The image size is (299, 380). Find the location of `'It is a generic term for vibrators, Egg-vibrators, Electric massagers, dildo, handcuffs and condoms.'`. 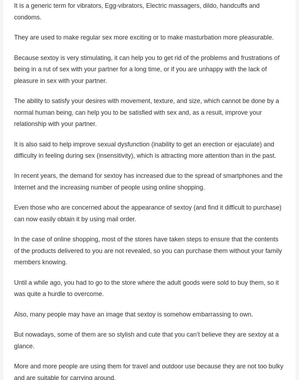

'It is a generic term for vibrators, Egg-vibrators, Electric massagers, dildo, handcuffs and condoms.' is located at coordinates (136, 11).